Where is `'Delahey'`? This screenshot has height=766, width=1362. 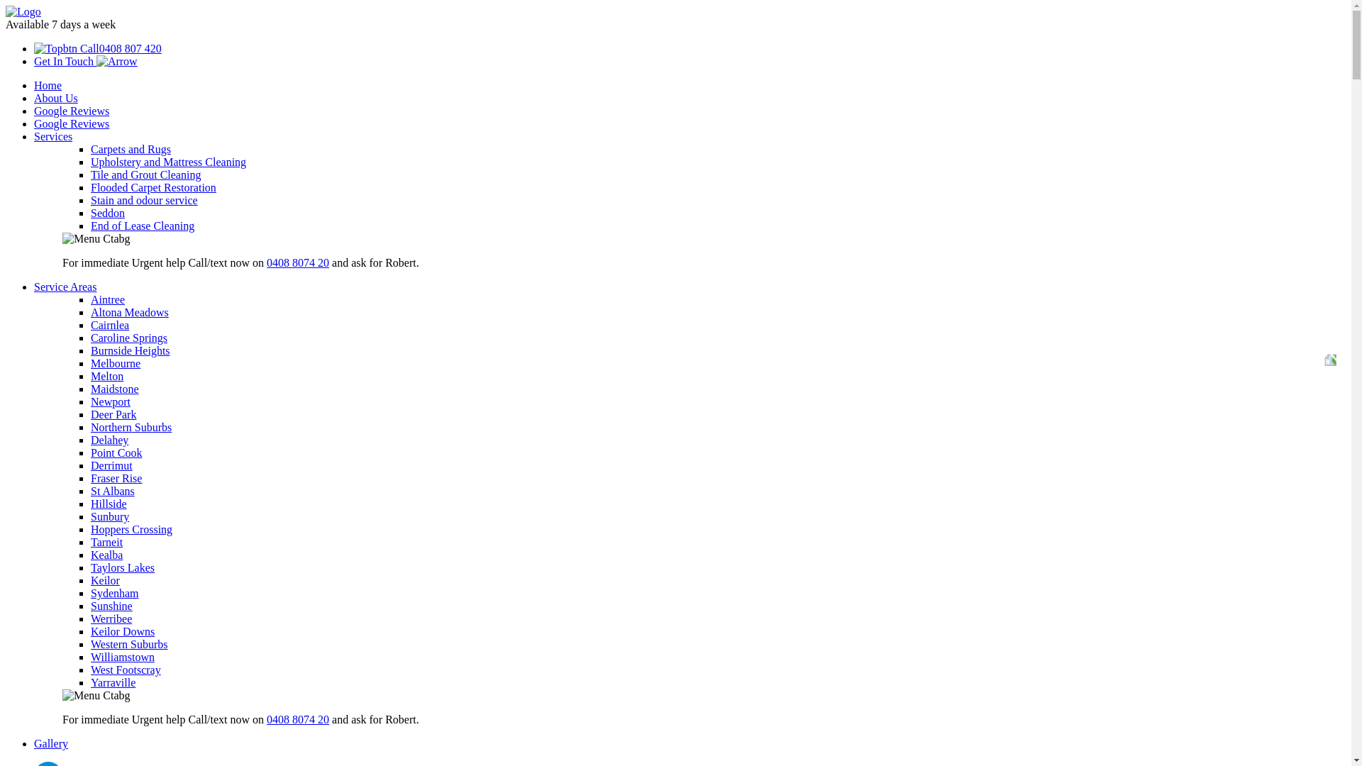
'Delahey' is located at coordinates (109, 439).